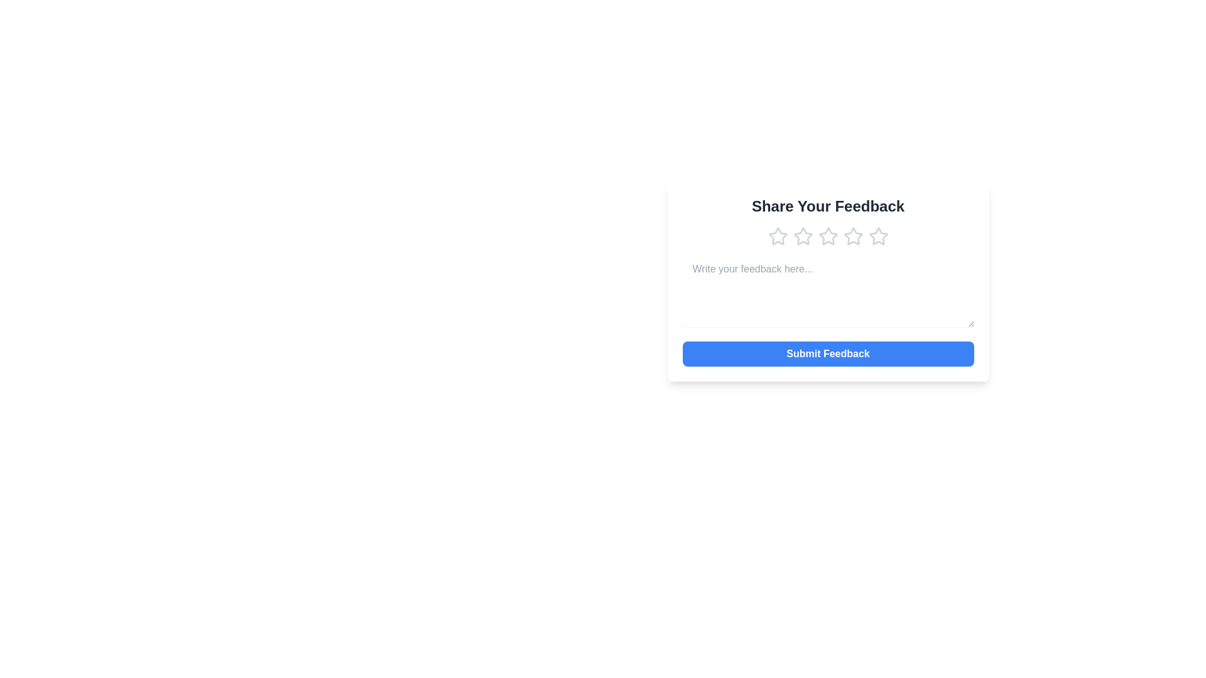  Describe the element at coordinates (777, 237) in the screenshot. I see `the first star icon in the 'Share Your Feedback' section, which is a hollow light gray star that enlarges slightly when hovered over` at that location.